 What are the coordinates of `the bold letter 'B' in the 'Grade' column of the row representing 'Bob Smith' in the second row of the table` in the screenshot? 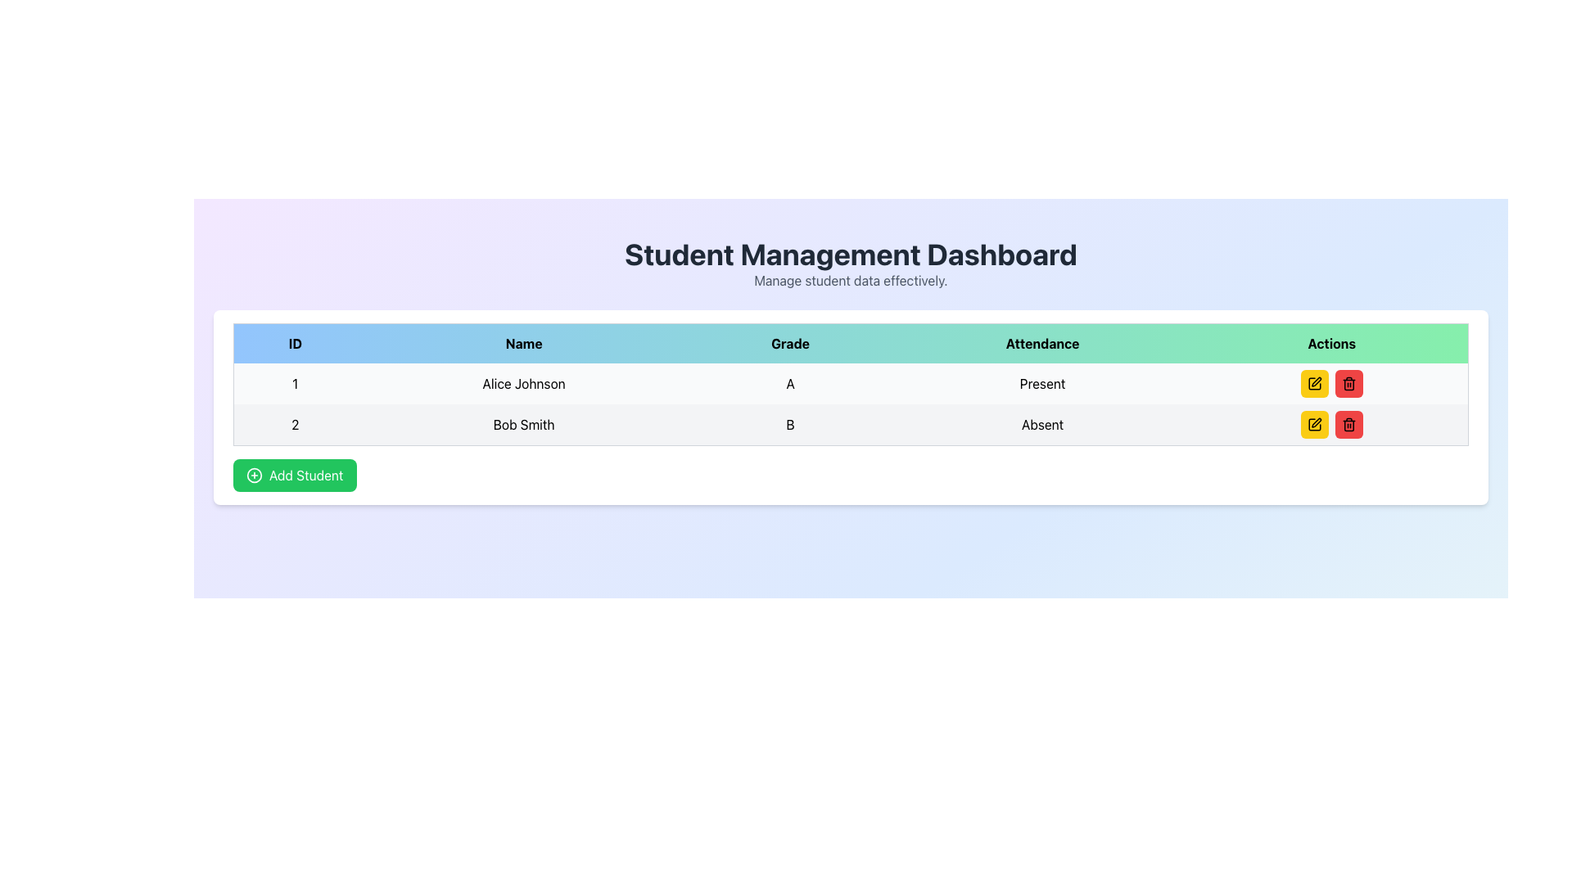 It's located at (790, 424).